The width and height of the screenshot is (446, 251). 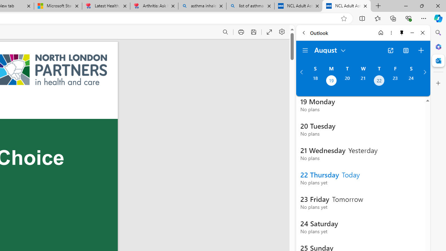 What do you see at coordinates (225, 32) in the screenshot?
I see `'Find (Ctrl + F)'` at bounding box center [225, 32].